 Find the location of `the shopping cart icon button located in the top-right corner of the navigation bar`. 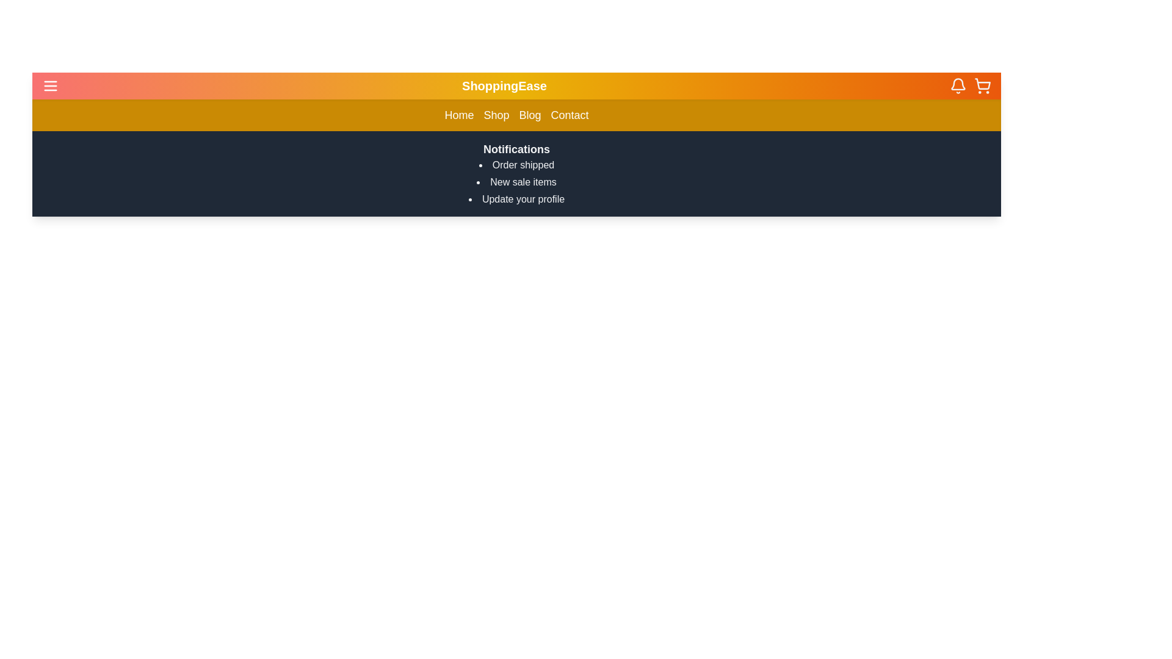

the shopping cart icon button located in the top-right corner of the navigation bar is located at coordinates (969, 85).